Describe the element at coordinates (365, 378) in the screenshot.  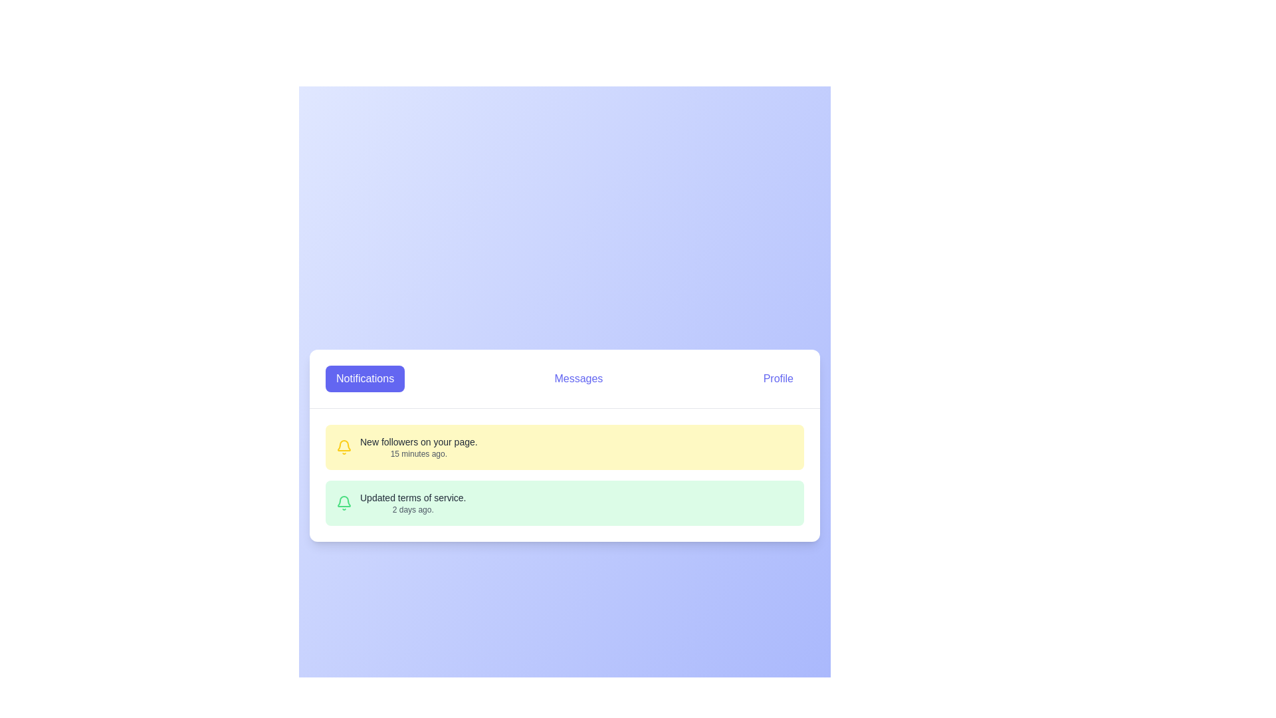
I see `the 'Notifications' button, which is the first button in a row of three, featuring a blue background and white text, to trigger a tooltip or visual change` at that location.